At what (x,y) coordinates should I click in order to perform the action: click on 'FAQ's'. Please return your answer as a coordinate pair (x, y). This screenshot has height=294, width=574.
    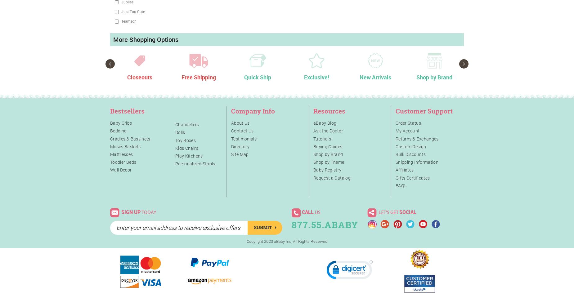
    Looking at the image, I should click on (401, 185).